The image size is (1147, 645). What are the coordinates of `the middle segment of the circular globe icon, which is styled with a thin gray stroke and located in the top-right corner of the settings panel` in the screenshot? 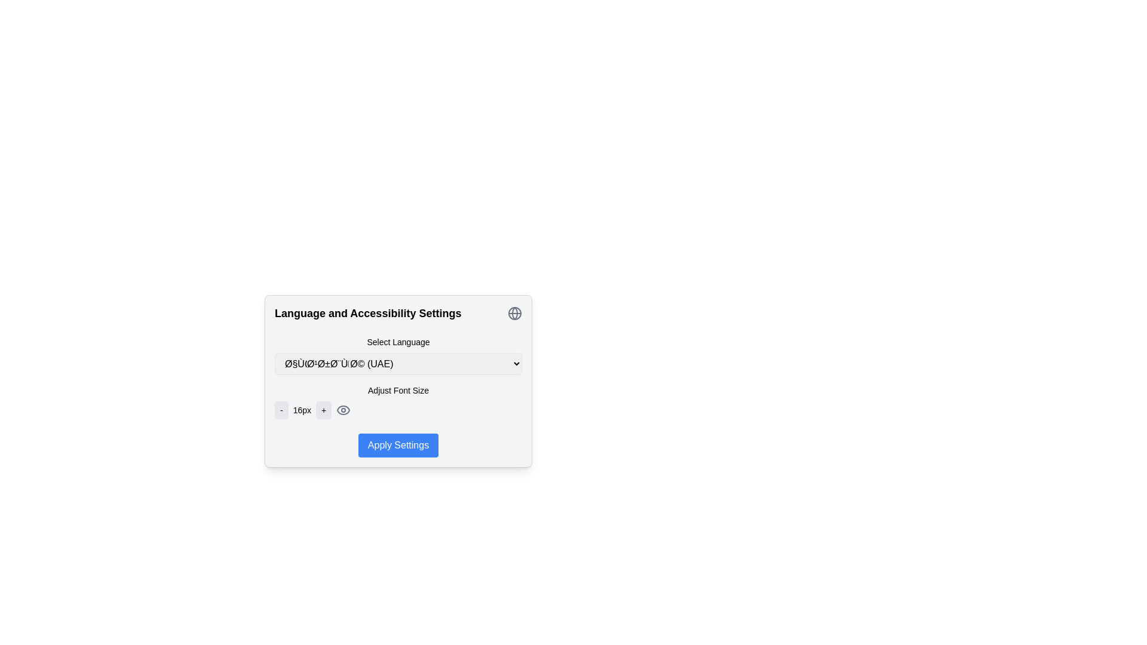 It's located at (515, 312).